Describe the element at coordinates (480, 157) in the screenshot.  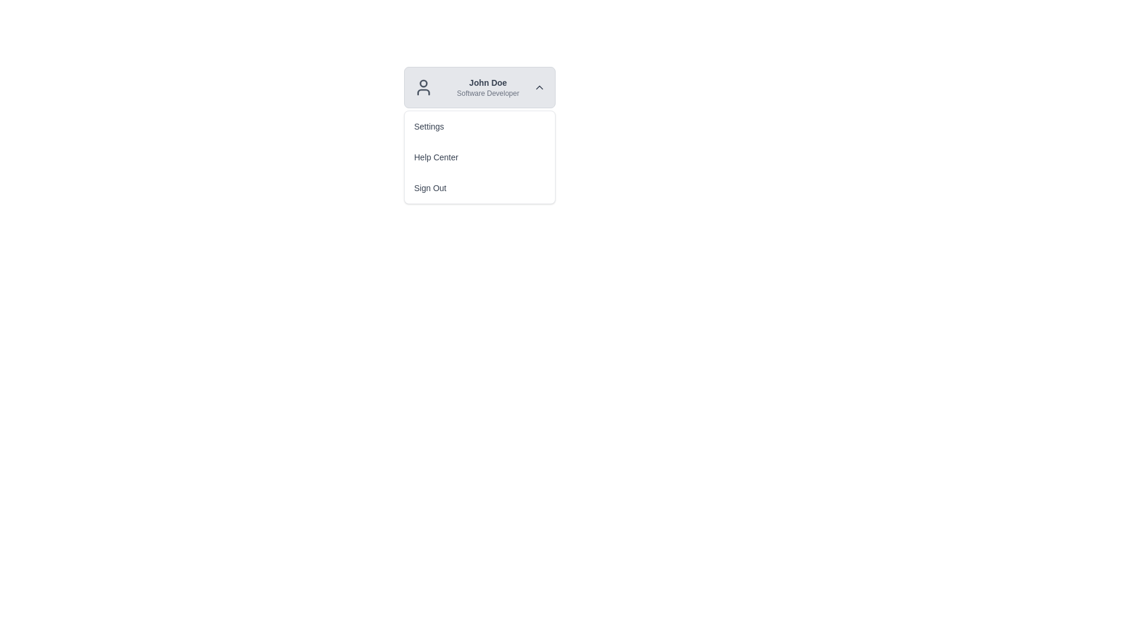
I see `the 'Help Center' dropdown menu item located directly below the profile summary of 'John Doe', which is the second option in the dropdown menu` at that location.